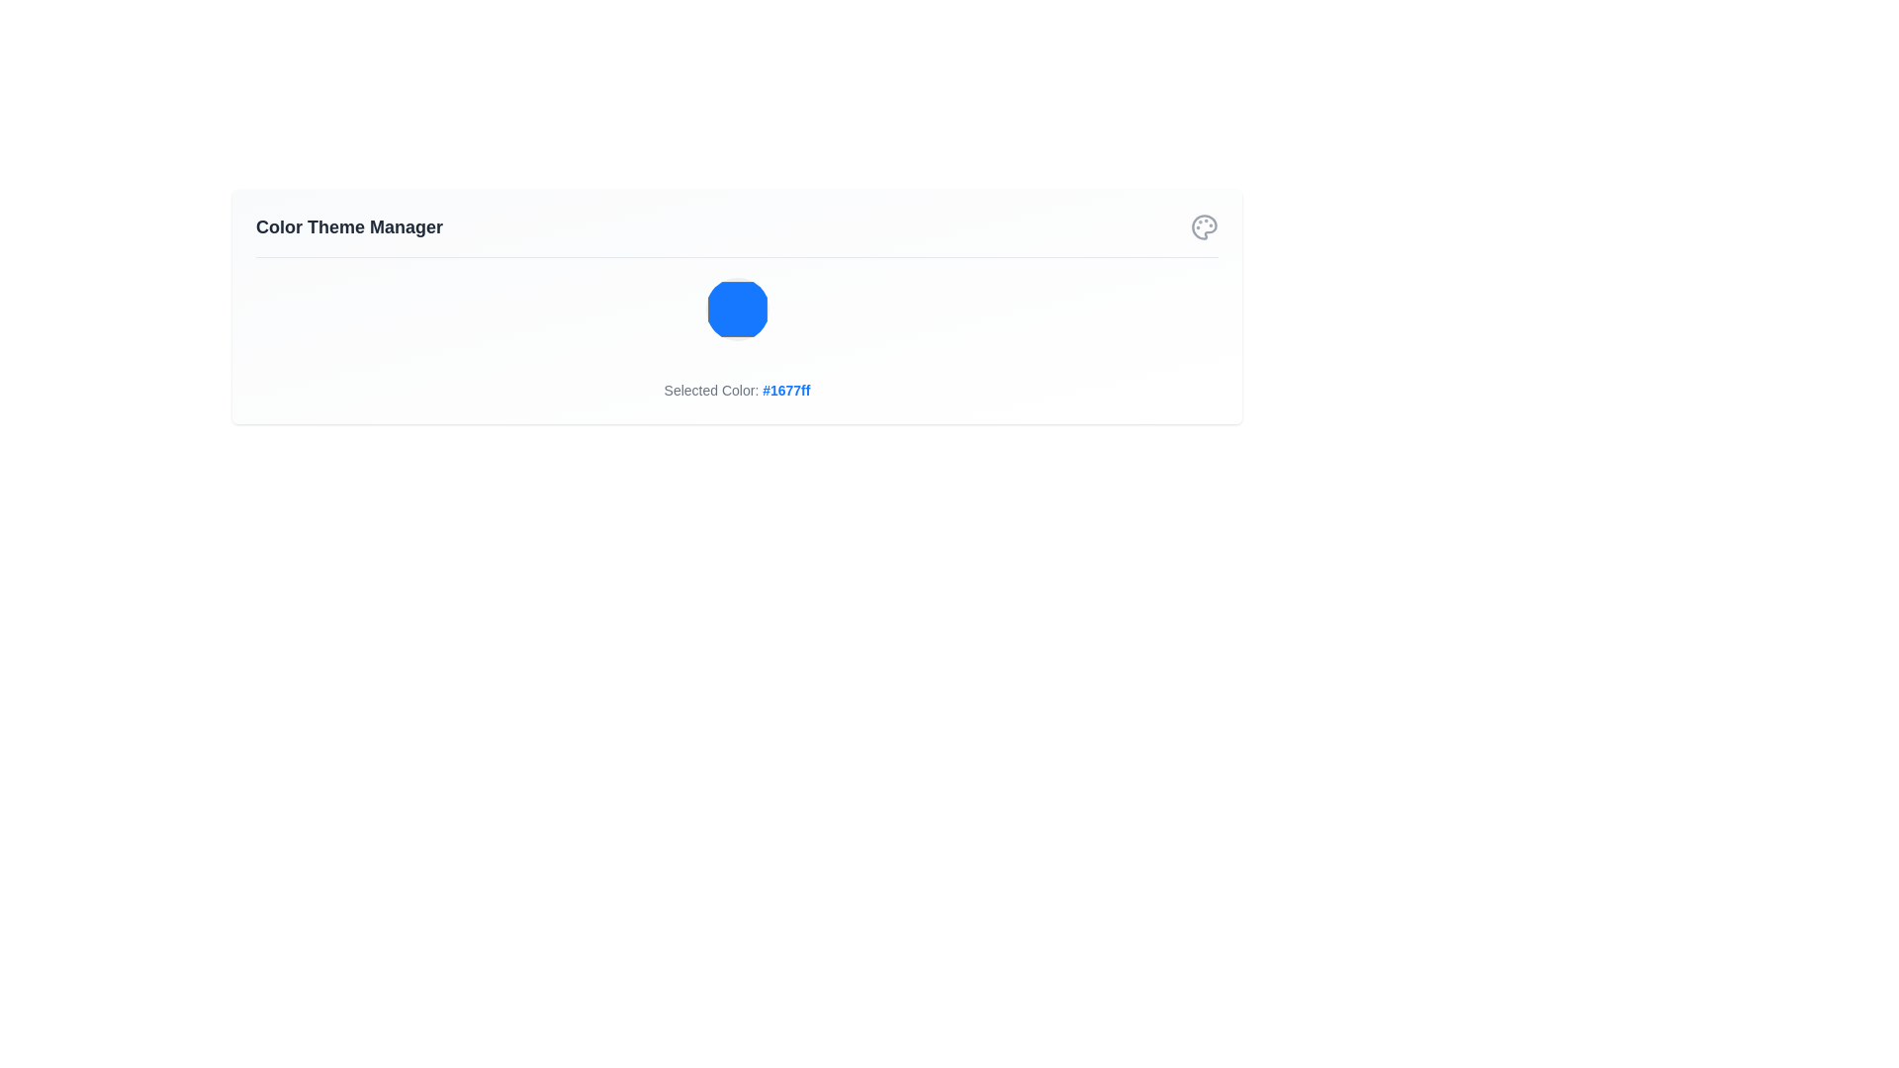  I want to click on the circular blue button in the Color Theme Manager, so click(736, 309).